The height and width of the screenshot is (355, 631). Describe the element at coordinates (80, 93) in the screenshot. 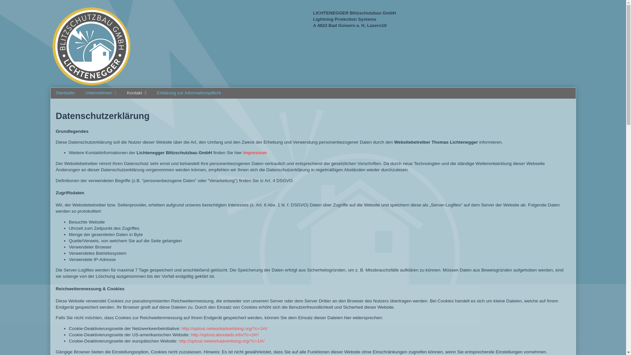

I see `'Unternehmen'` at that location.